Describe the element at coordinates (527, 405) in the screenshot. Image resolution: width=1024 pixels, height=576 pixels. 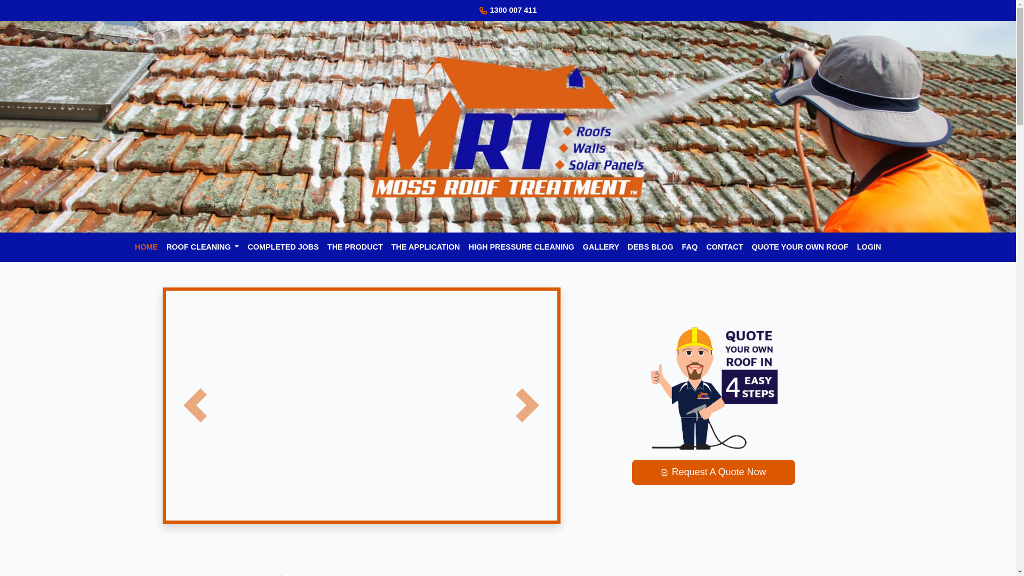
I see `'Next'` at that location.